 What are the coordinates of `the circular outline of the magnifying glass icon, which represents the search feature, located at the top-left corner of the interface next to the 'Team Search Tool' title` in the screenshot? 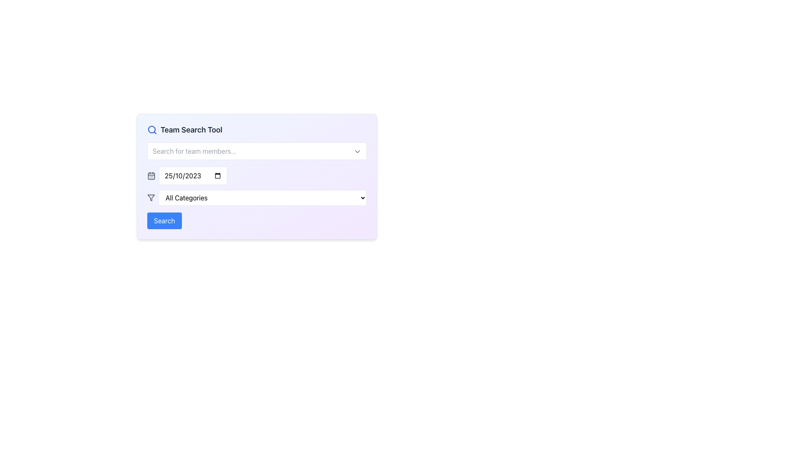 It's located at (152, 130).